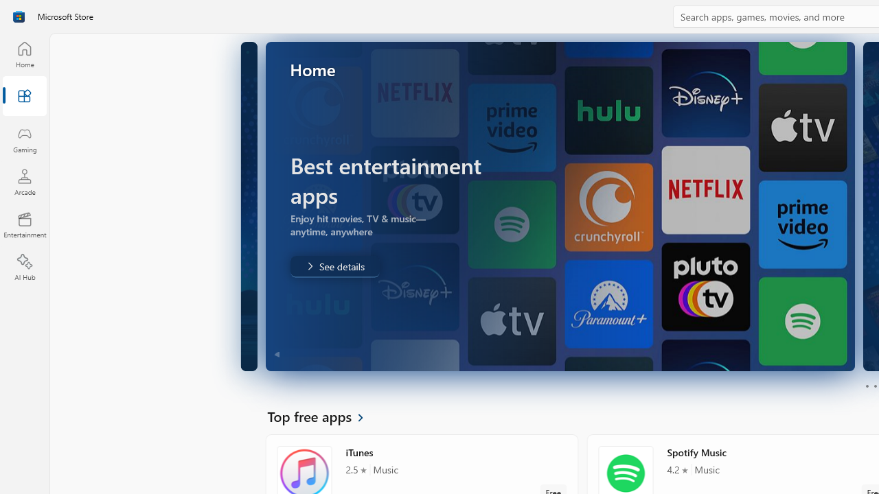 The width and height of the screenshot is (879, 494). Describe the element at coordinates (24, 181) in the screenshot. I see `'Arcade'` at that location.